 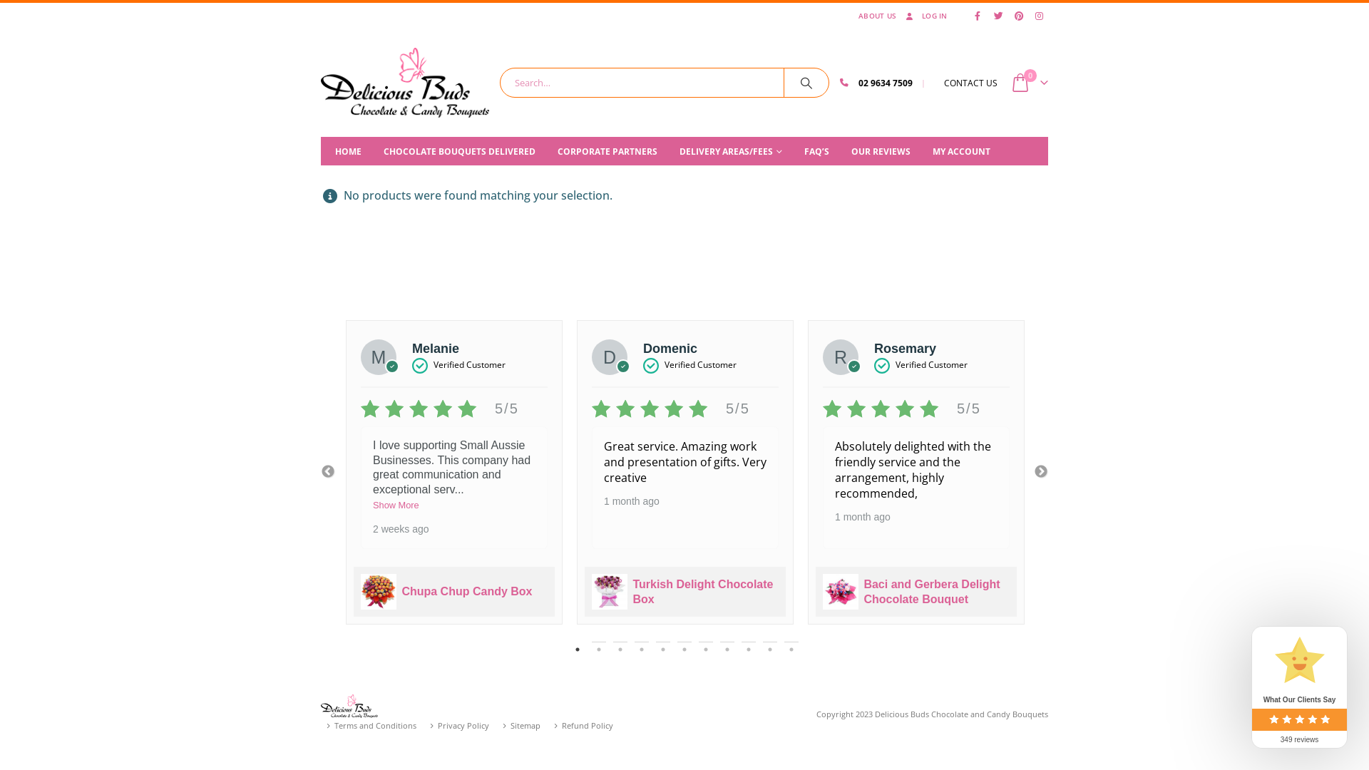 I want to click on 'HOME', so click(x=344, y=151).